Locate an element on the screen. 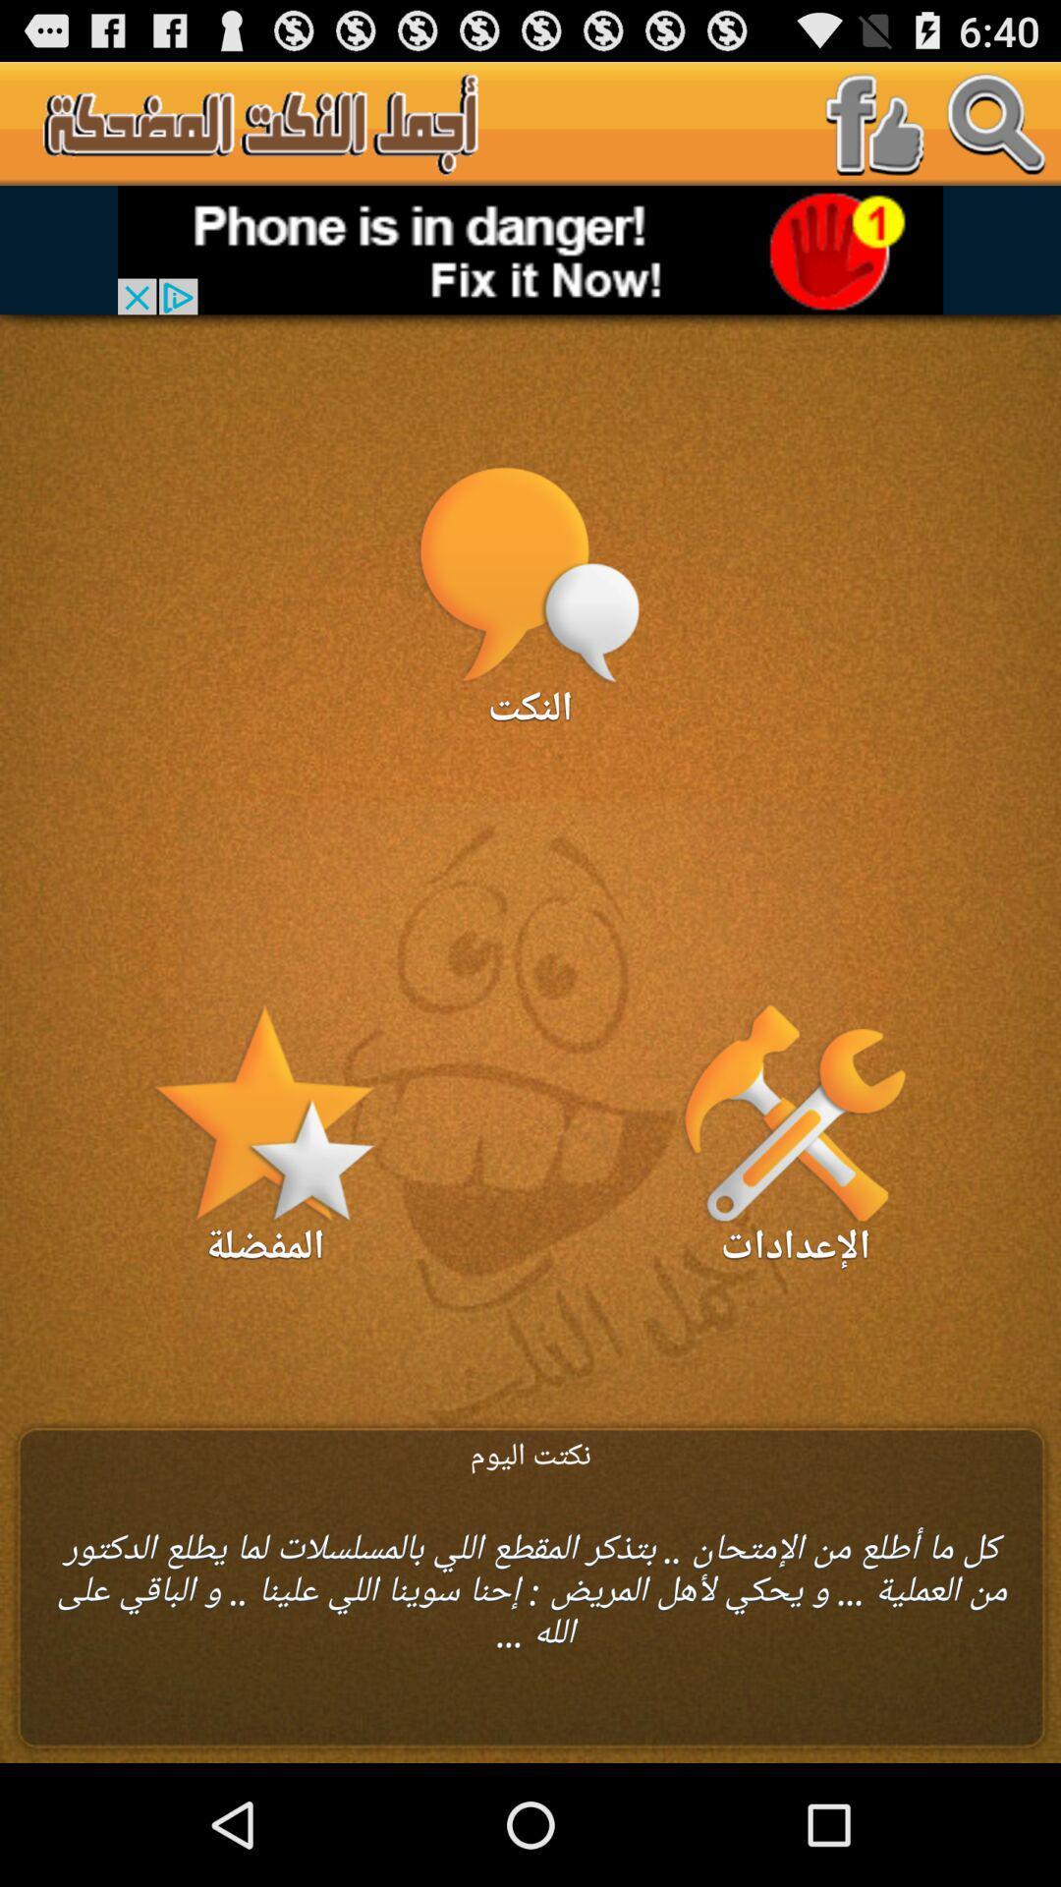  the facebook icon is located at coordinates (873, 131).